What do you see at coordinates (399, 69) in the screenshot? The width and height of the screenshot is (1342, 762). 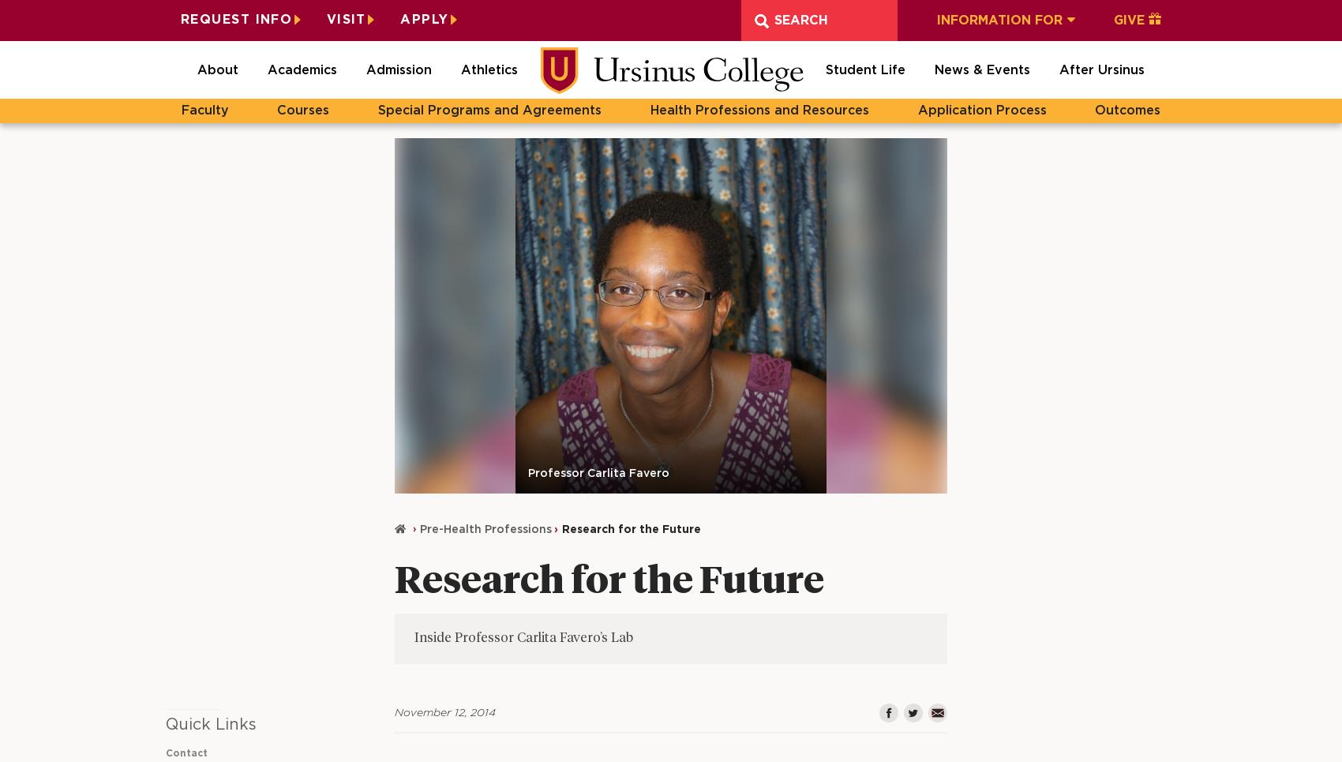 I see `'Admission'` at bounding box center [399, 69].